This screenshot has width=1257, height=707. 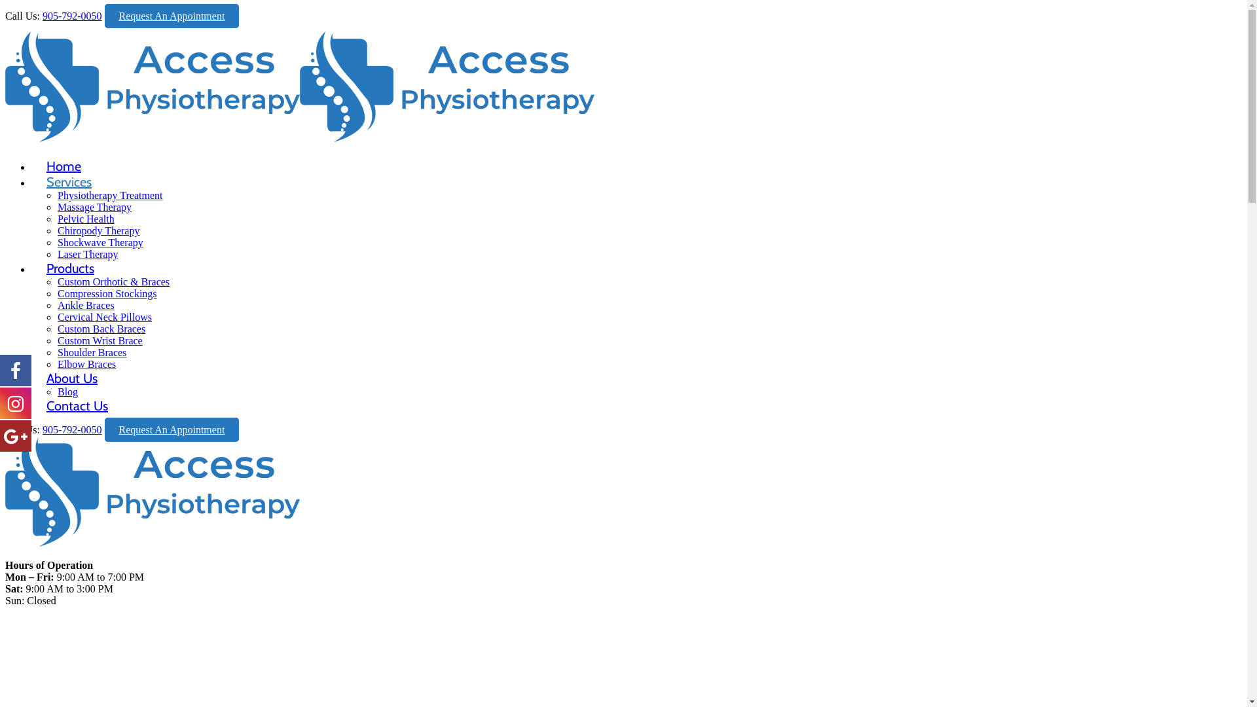 What do you see at coordinates (87, 254) in the screenshot?
I see `'Laser Therapy'` at bounding box center [87, 254].